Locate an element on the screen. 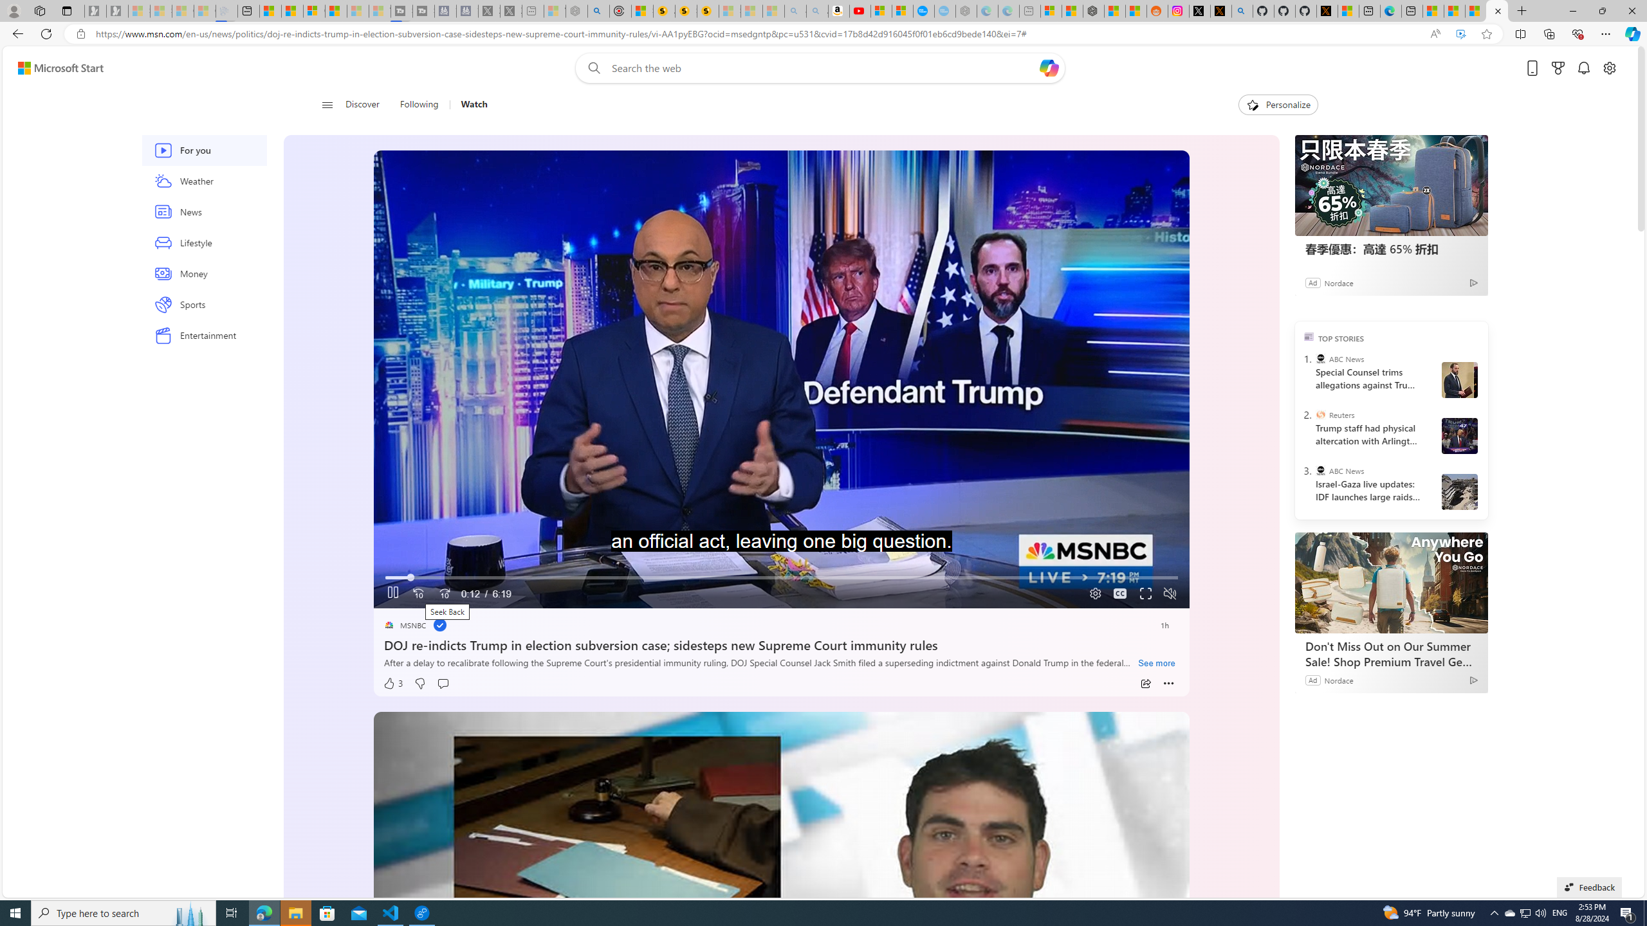  'amazon - Search - Sleeping' is located at coordinates (795, 10).